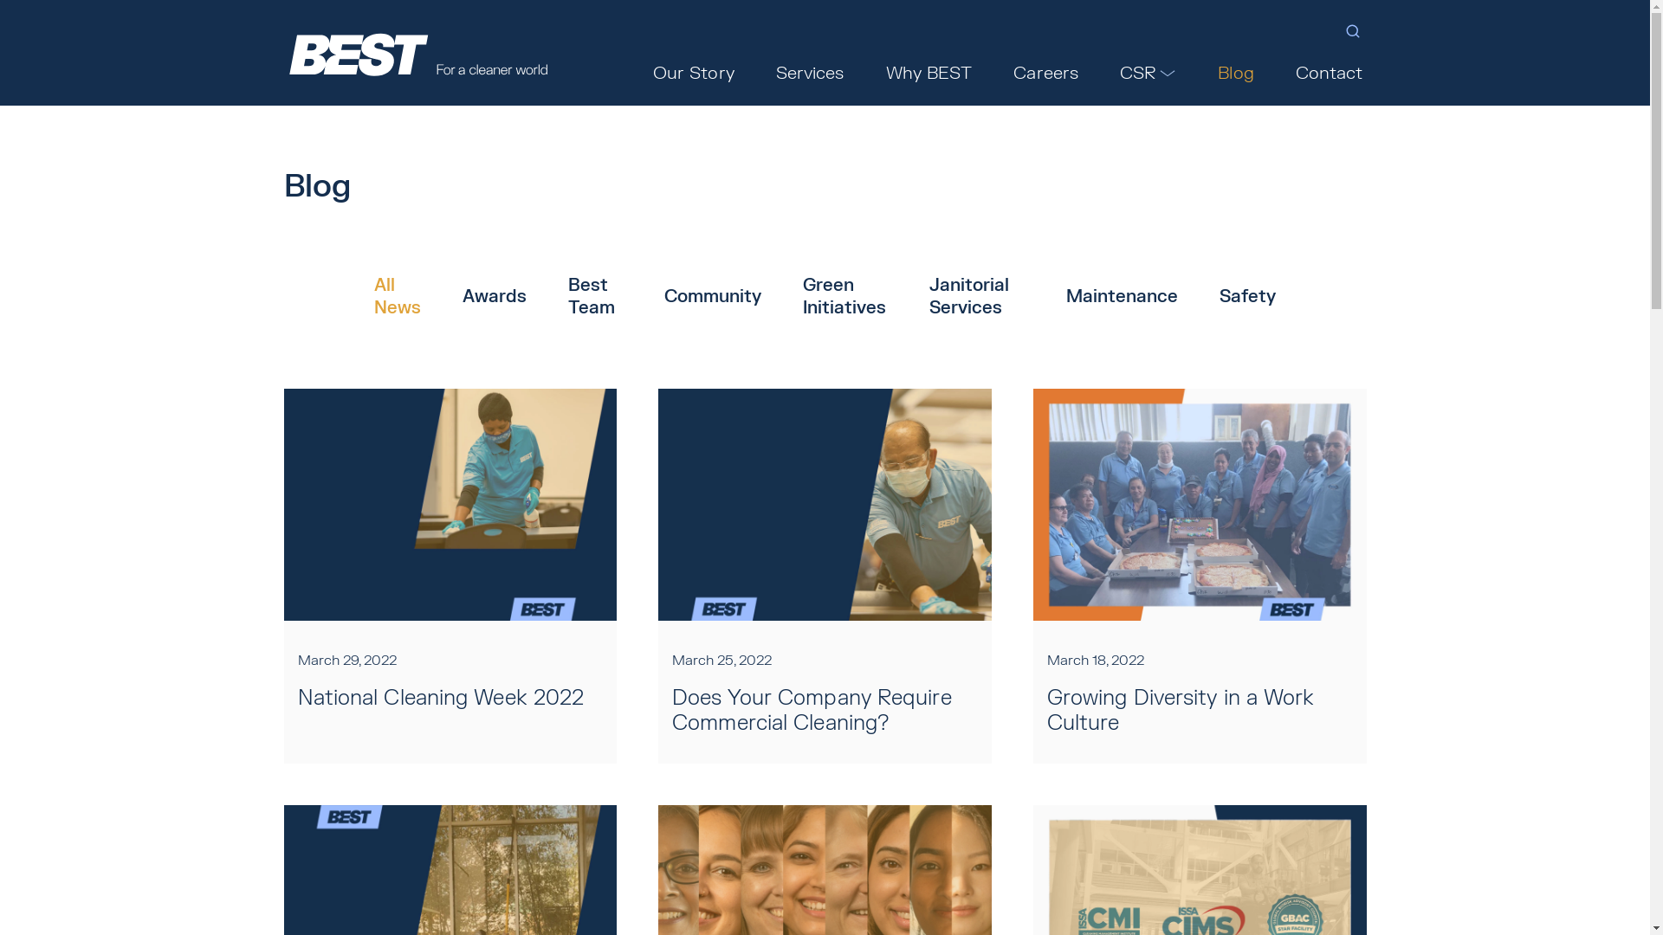 The image size is (1663, 935). What do you see at coordinates (494, 296) in the screenshot?
I see `'Awards'` at bounding box center [494, 296].